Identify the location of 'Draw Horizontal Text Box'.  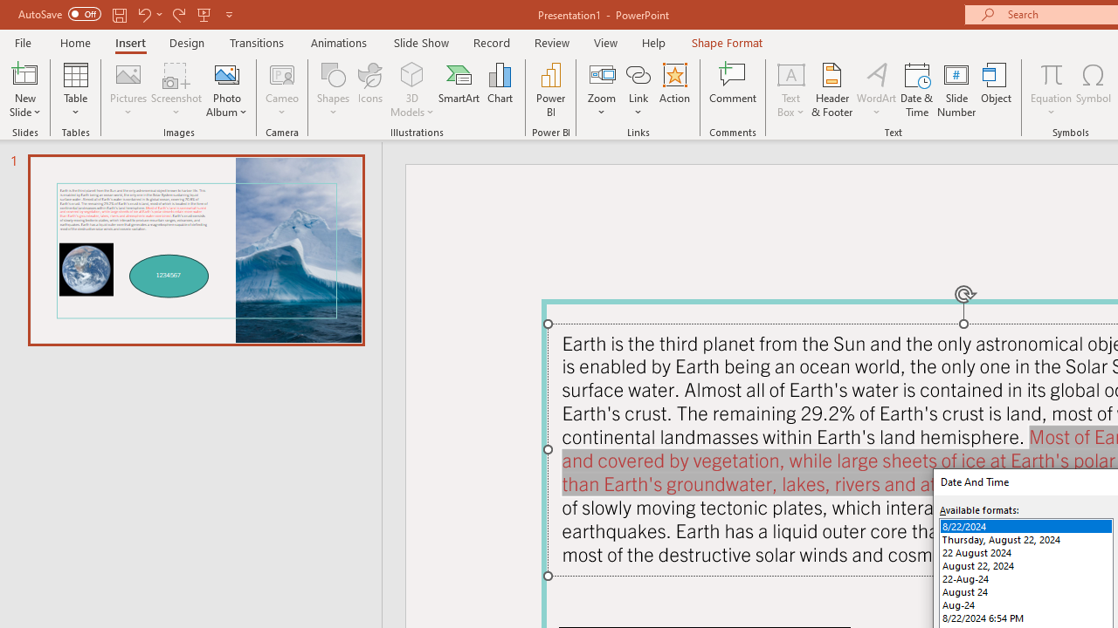
(790, 73).